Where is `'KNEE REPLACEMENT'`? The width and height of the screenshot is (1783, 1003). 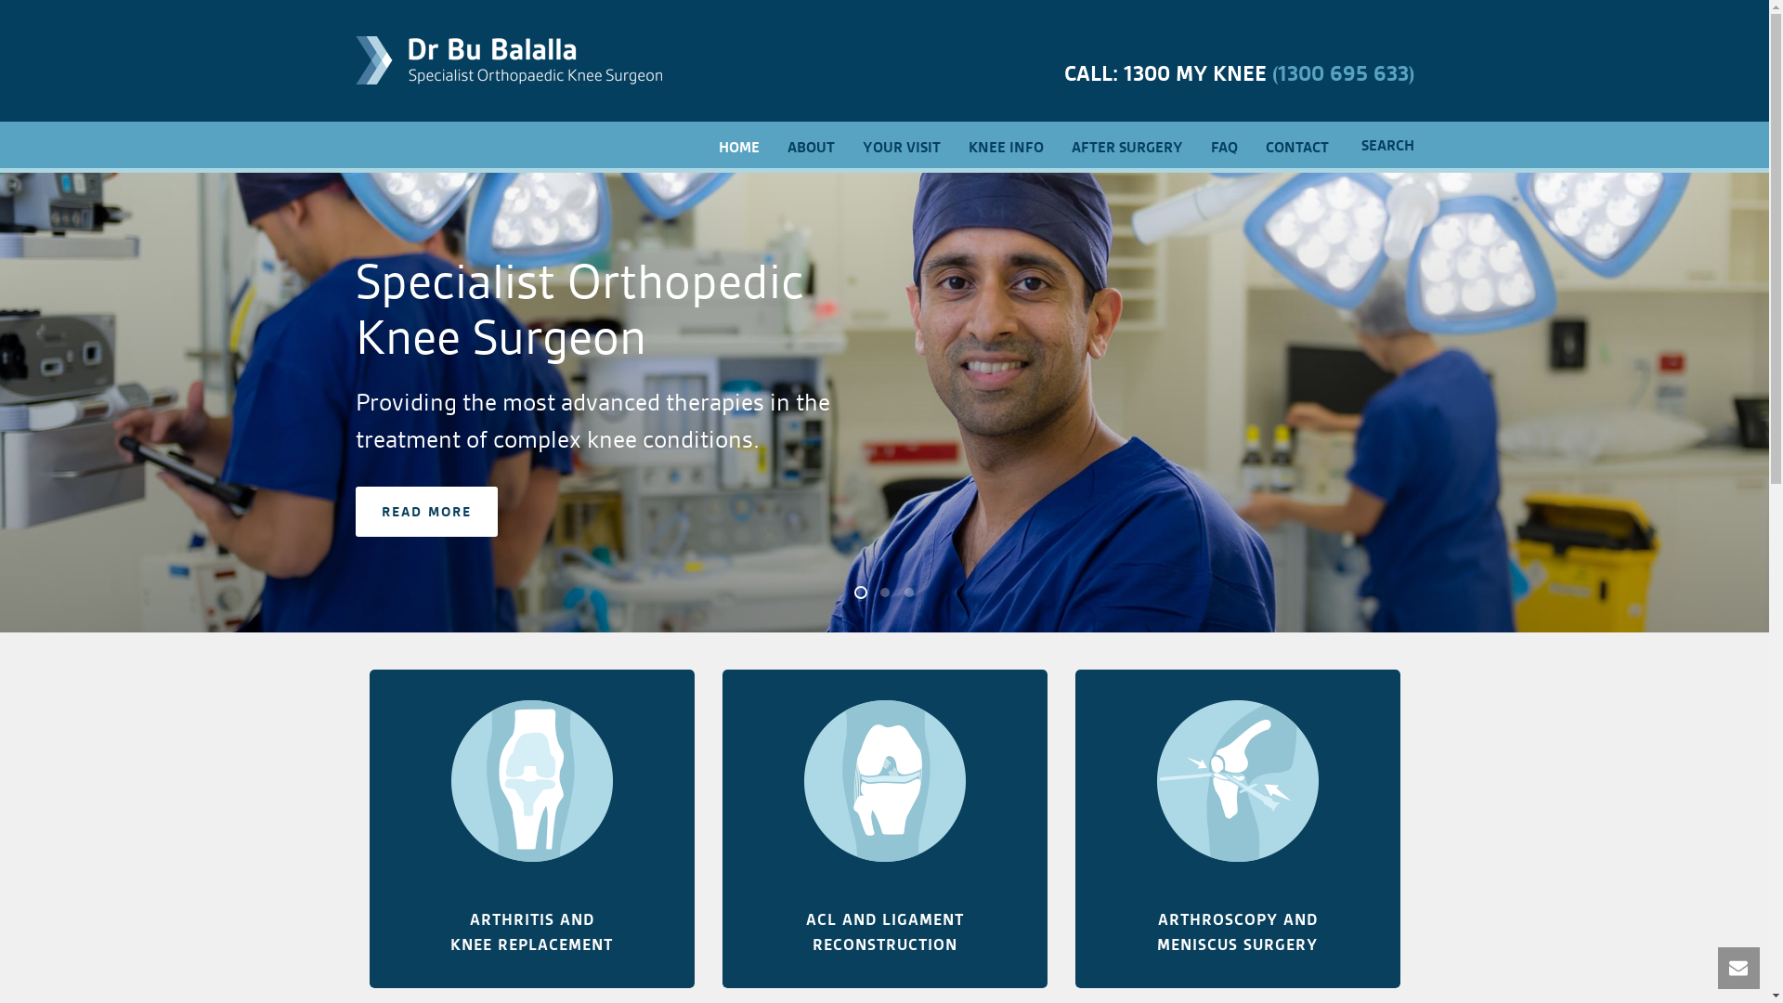
'KNEE REPLACEMENT' is located at coordinates (530, 944).